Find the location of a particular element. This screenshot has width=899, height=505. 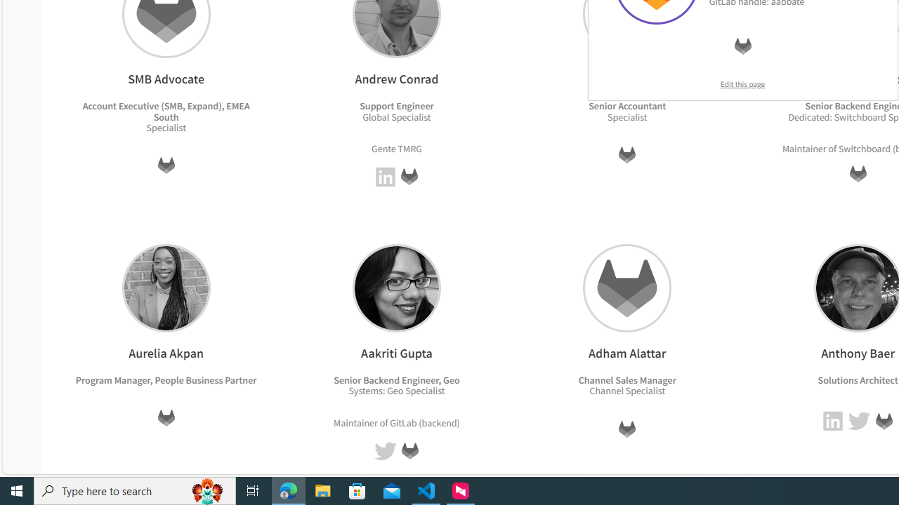

'Support Engineer' is located at coordinates (396, 105).